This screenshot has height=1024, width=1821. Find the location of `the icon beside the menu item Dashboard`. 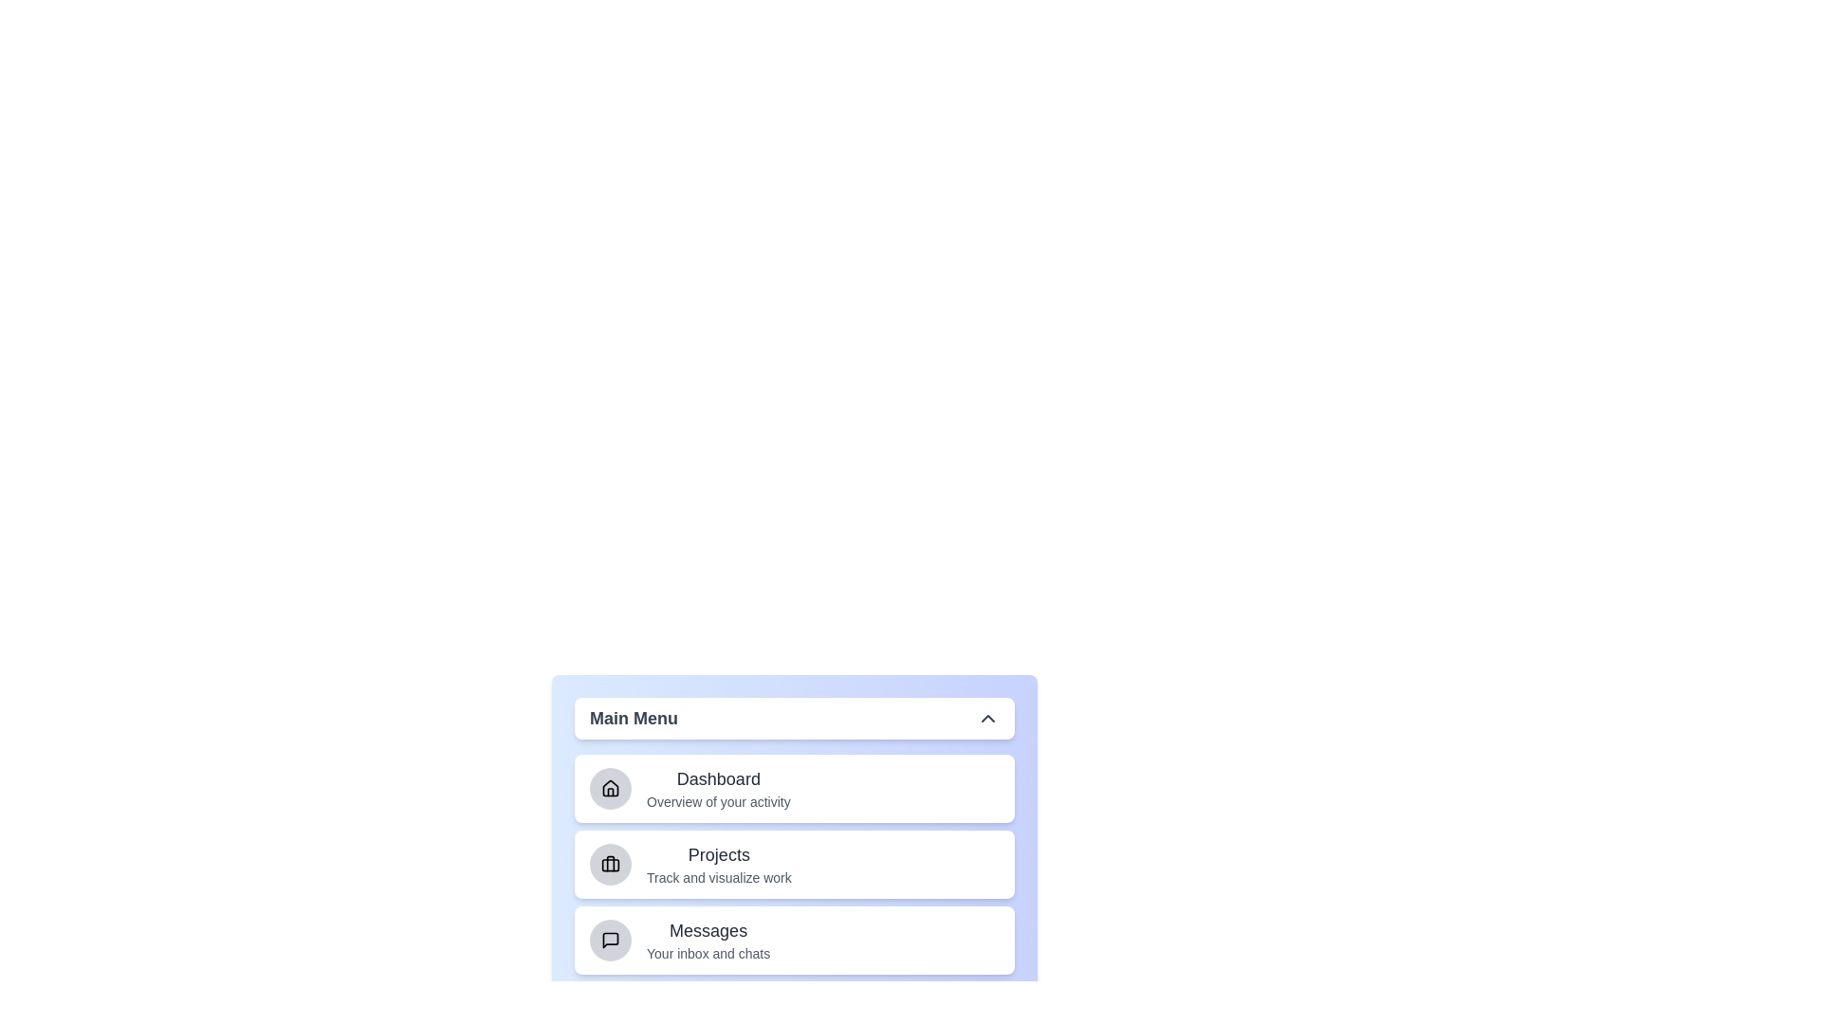

the icon beside the menu item Dashboard is located at coordinates (610, 789).